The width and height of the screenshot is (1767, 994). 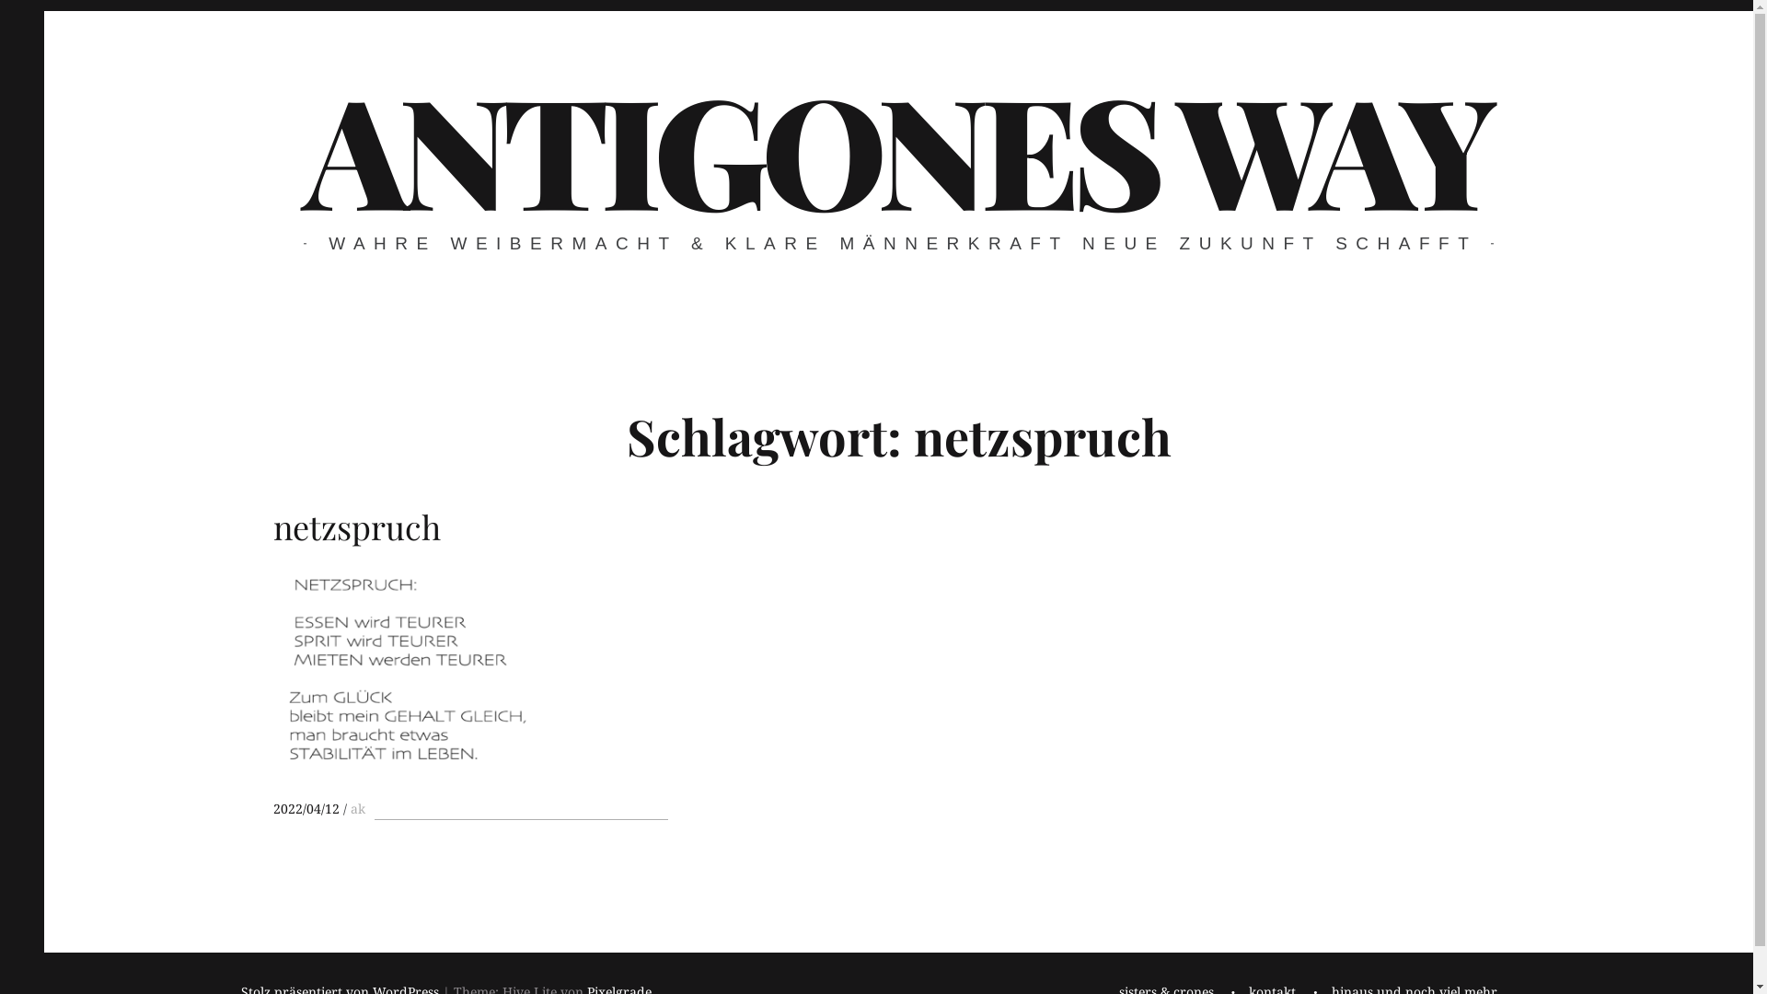 I want to click on 'Springe zum Inhalt', so click(x=43, y=10).